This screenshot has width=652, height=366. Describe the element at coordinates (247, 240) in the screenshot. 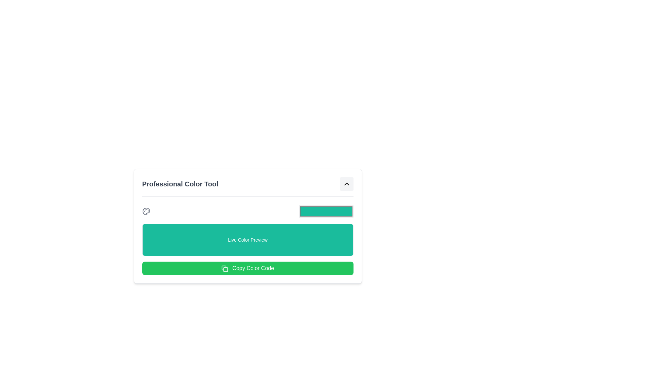

I see `the color preview displayed in the central rectangular section with a green background and the text 'Live Color Preview' located in the 'Professional Color Tool' panel` at that location.